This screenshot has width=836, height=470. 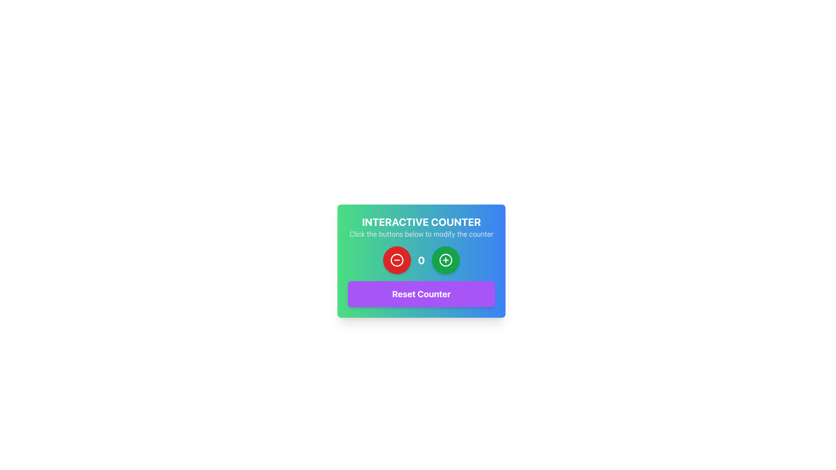 I want to click on displayed text from the 'Interactive Counter' text block, which includes the title and instructions centered above the interactive counter display and buttons, so click(x=421, y=226).